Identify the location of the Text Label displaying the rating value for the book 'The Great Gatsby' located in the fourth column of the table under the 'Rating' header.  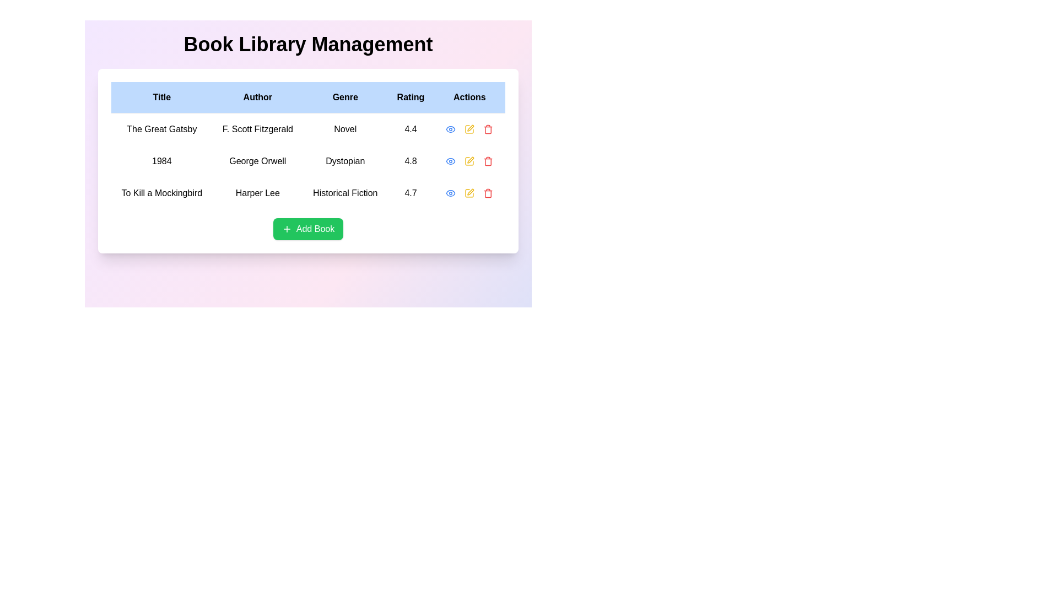
(410, 128).